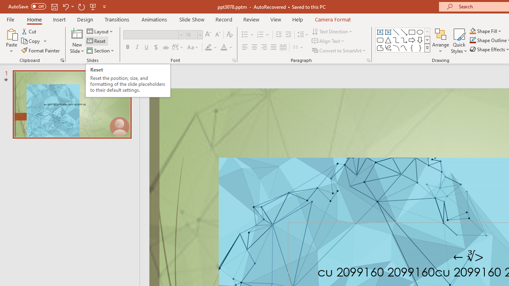 This screenshot has width=509, height=286. What do you see at coordinates (101, 50) in the screenshot?
I see `'Section'` at bounding box center [101, 50].